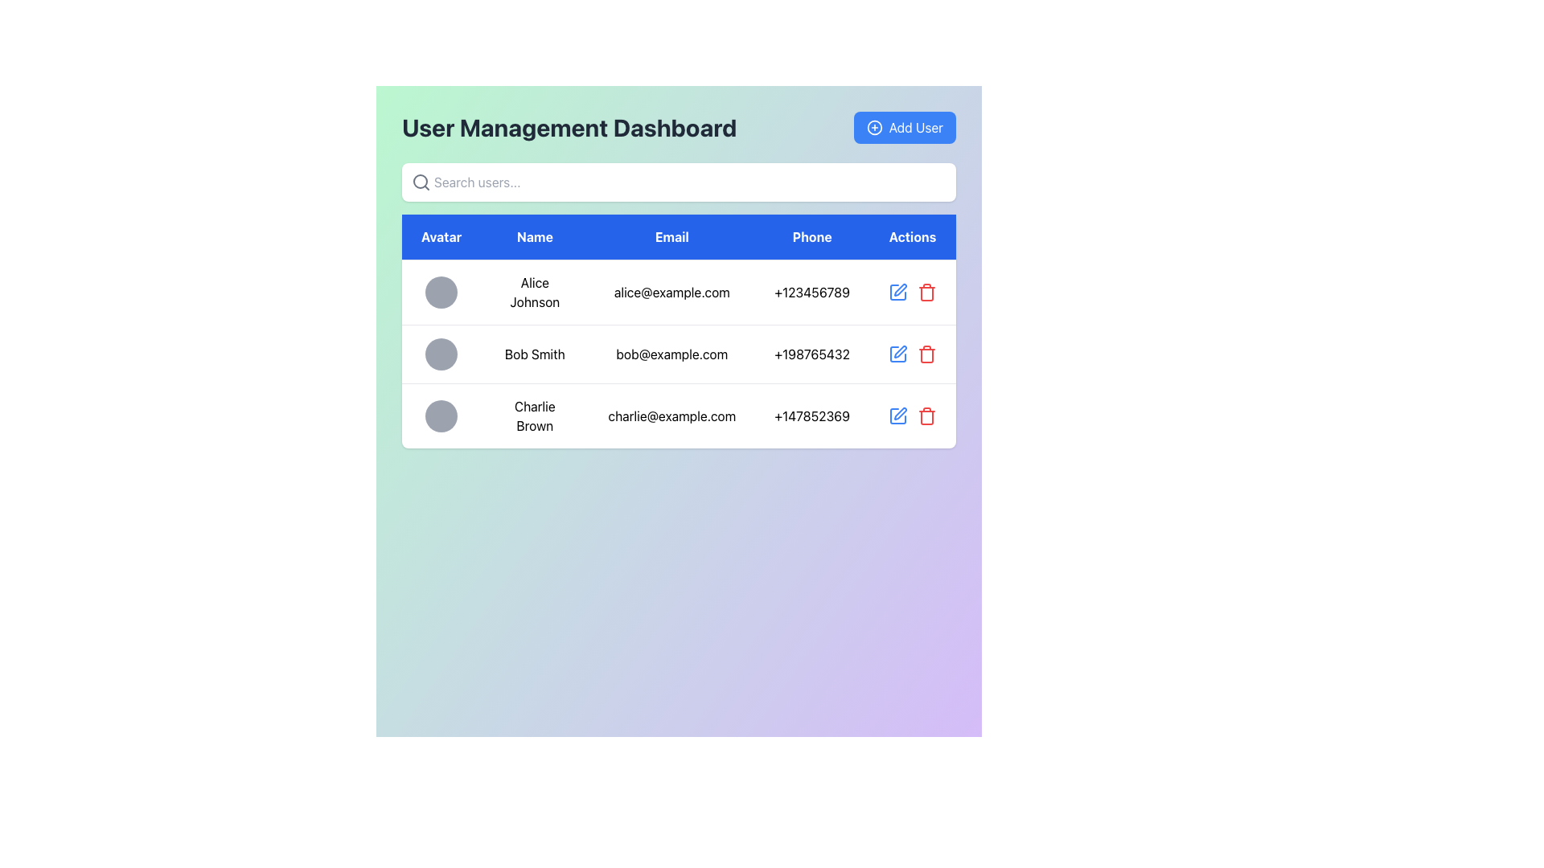 The height and width of the screenshot is (868, 1544). I want to click on the Action bar containing the blue pen-shaped icon and the red trash can icon located in the 'Actions' column of the second row for the entry 'Bob Smith', so click(912, 353).